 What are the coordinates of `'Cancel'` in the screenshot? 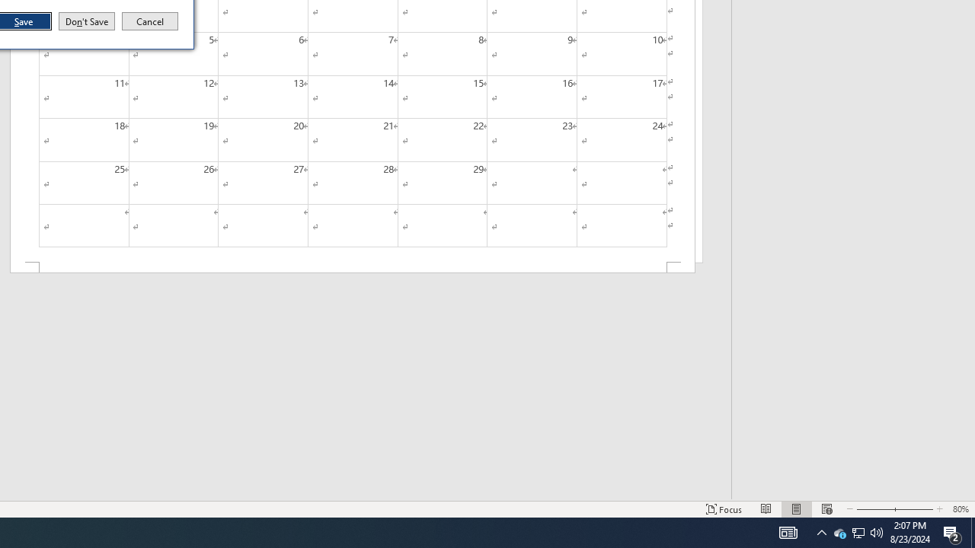 It's located at (150, 21).